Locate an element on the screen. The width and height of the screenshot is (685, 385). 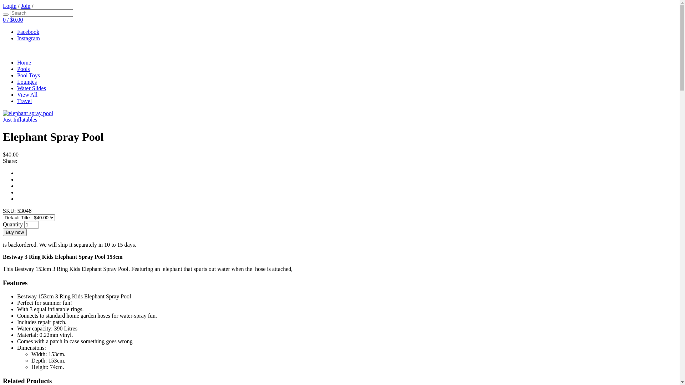
'Instagram' is located at coordinates (29, 38).